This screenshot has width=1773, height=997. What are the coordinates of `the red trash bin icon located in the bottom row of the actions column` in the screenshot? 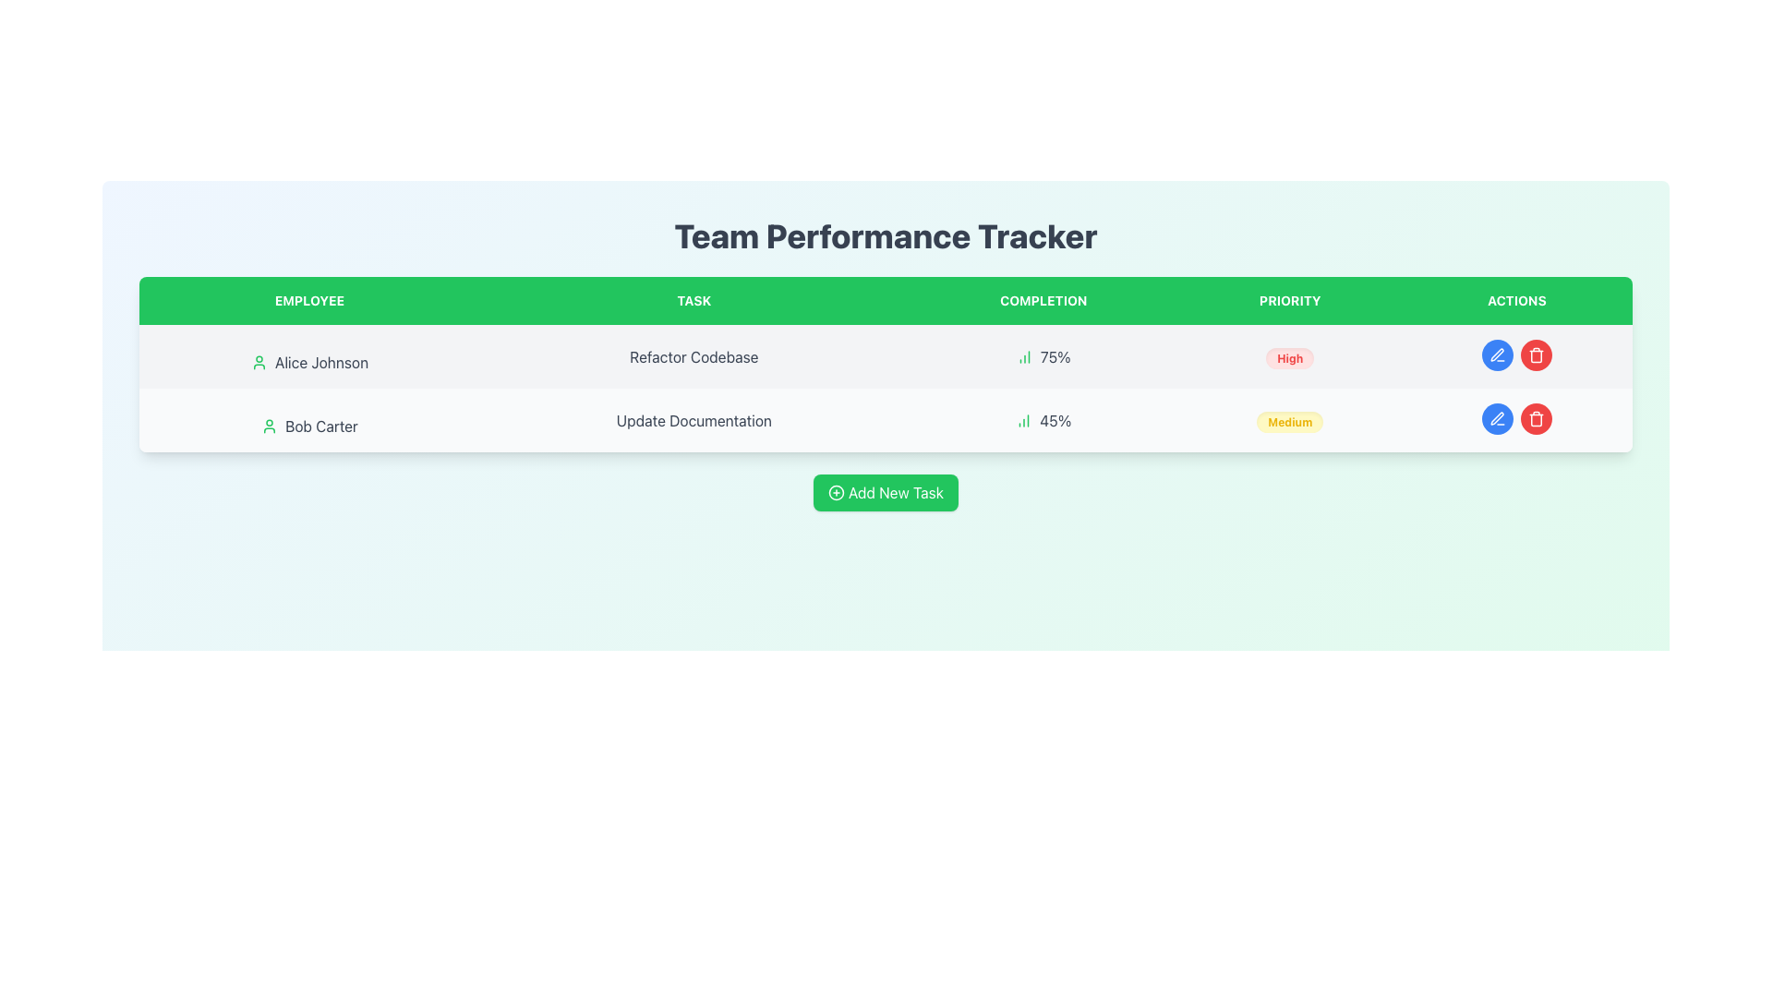 It's located at (1536, 356).